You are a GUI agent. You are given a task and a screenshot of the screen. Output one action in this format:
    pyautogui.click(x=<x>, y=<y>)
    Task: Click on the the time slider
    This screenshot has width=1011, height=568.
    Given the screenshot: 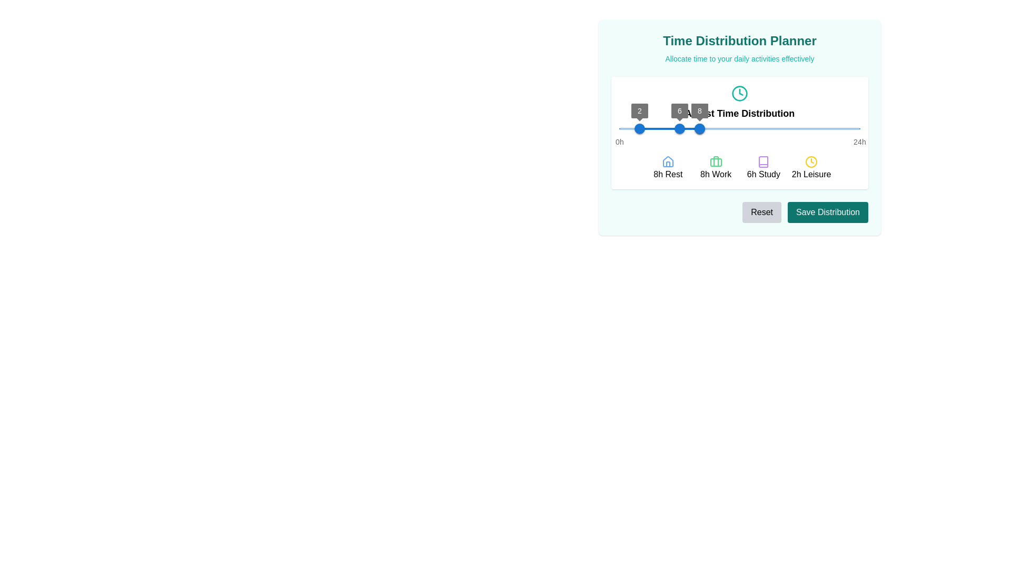 What is the action you would take?
    pyautogui.click(x=685, y=128)
    